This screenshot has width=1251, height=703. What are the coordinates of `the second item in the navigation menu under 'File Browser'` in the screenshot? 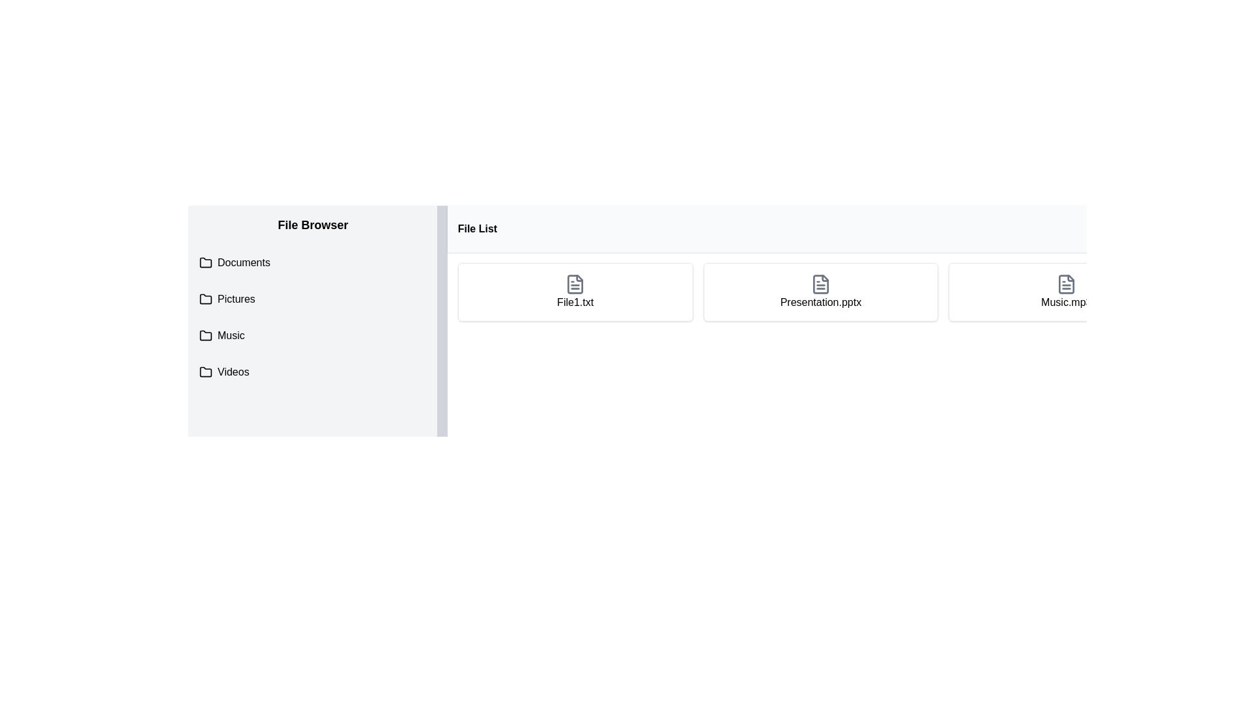 It's located at (313, 263).